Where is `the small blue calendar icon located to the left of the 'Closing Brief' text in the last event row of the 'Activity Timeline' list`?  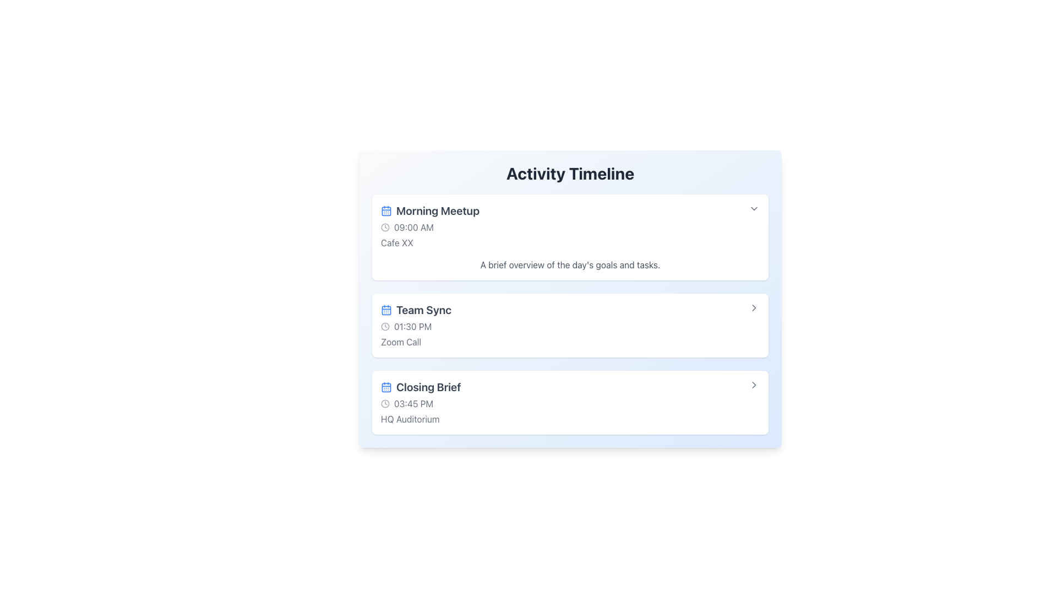
the small blue calendar icon located to the left of the 'Closing Brief' text in the last event row of the 'Activity Timeline' list is located at coordinates (386, 386).